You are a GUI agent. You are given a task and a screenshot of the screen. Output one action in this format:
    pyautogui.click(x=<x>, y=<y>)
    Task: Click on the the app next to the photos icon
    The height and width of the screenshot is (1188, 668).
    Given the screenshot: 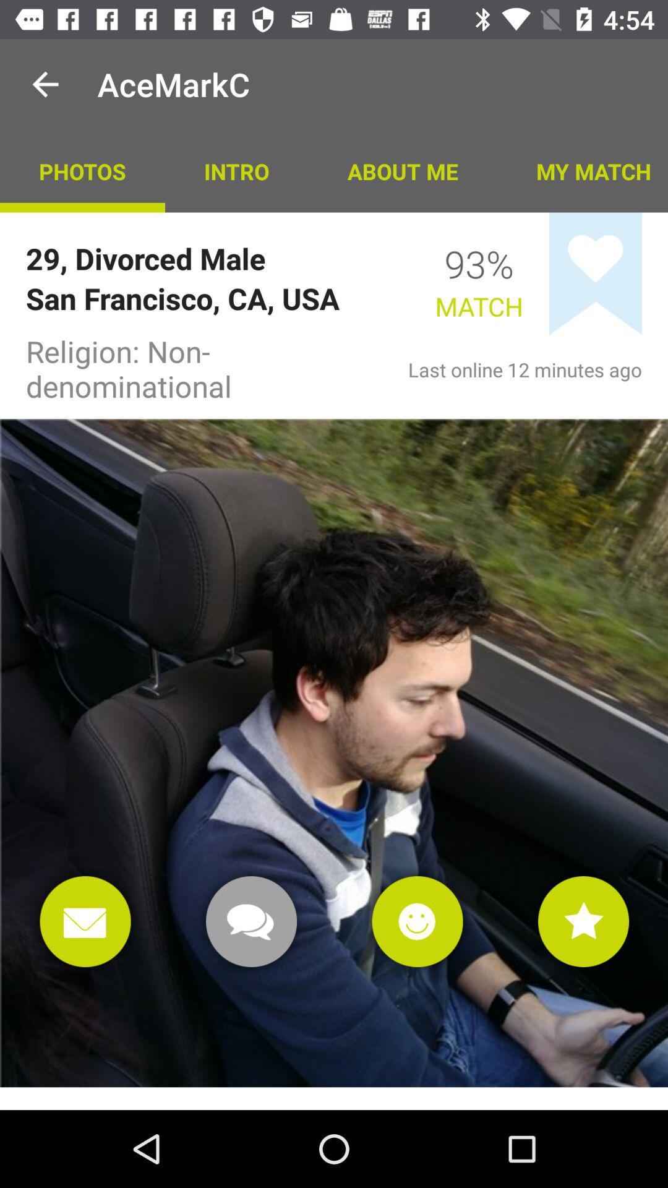 What is the action you would take?
    pyautogui.click(x=236, y=170)
    